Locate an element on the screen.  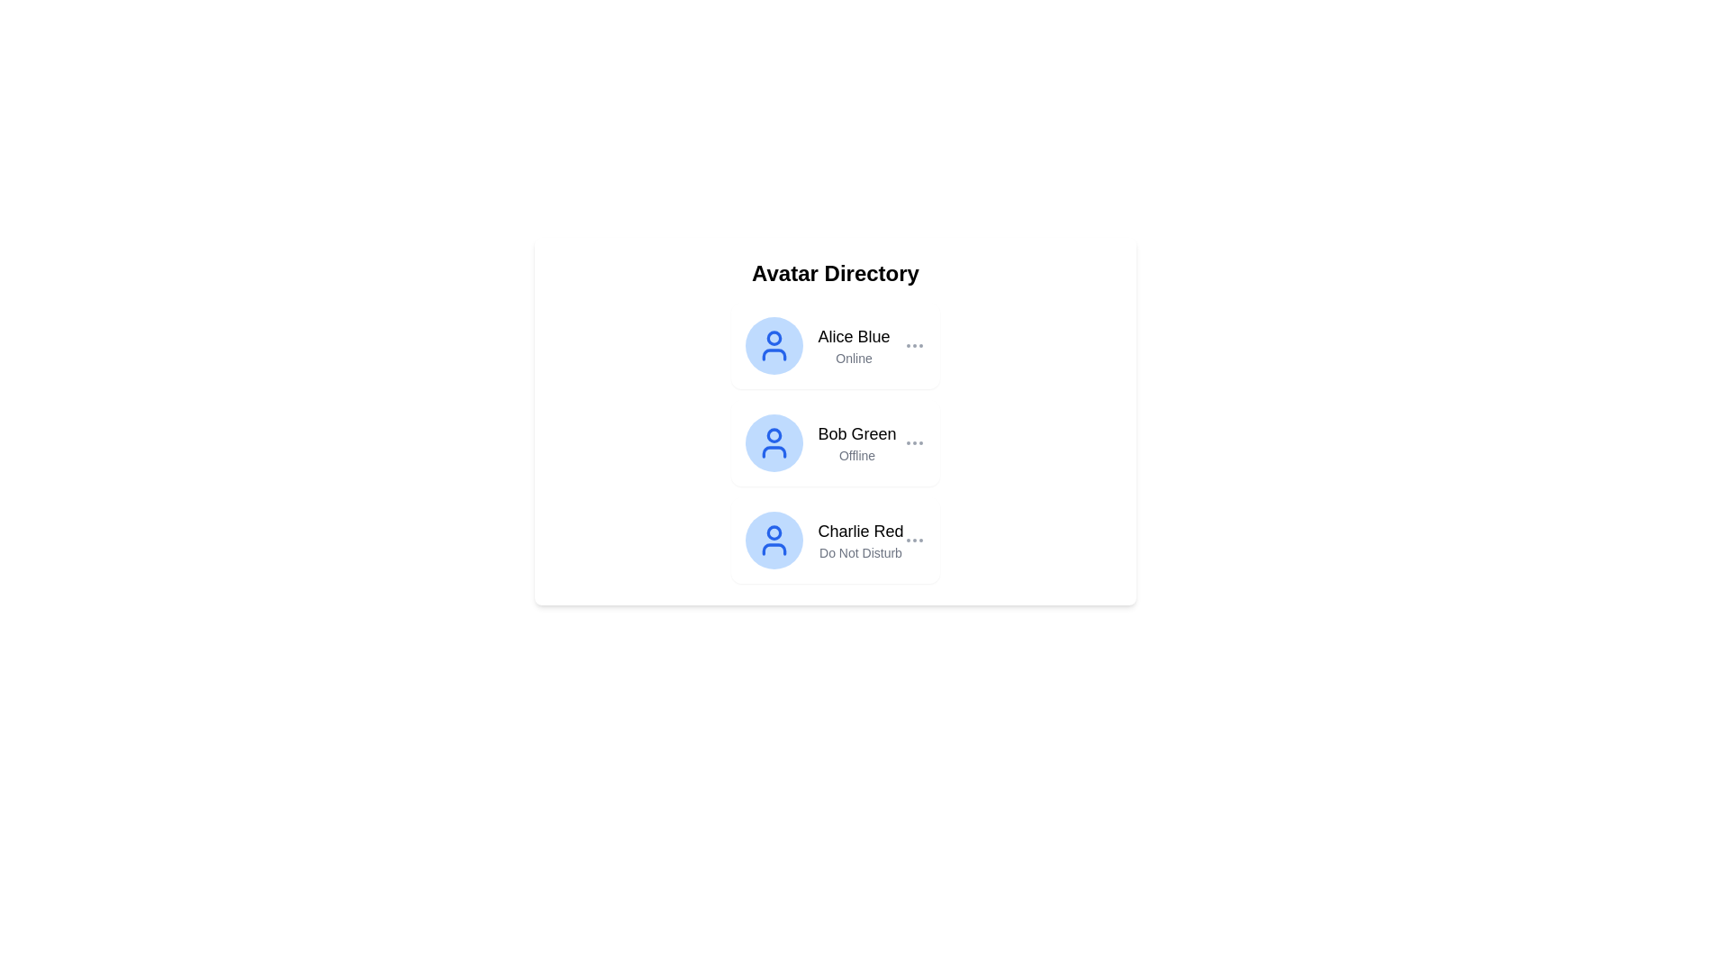
the head icon in the avatar, which is the third element in a vertical list of user entries is located at coordinates (774, 532).